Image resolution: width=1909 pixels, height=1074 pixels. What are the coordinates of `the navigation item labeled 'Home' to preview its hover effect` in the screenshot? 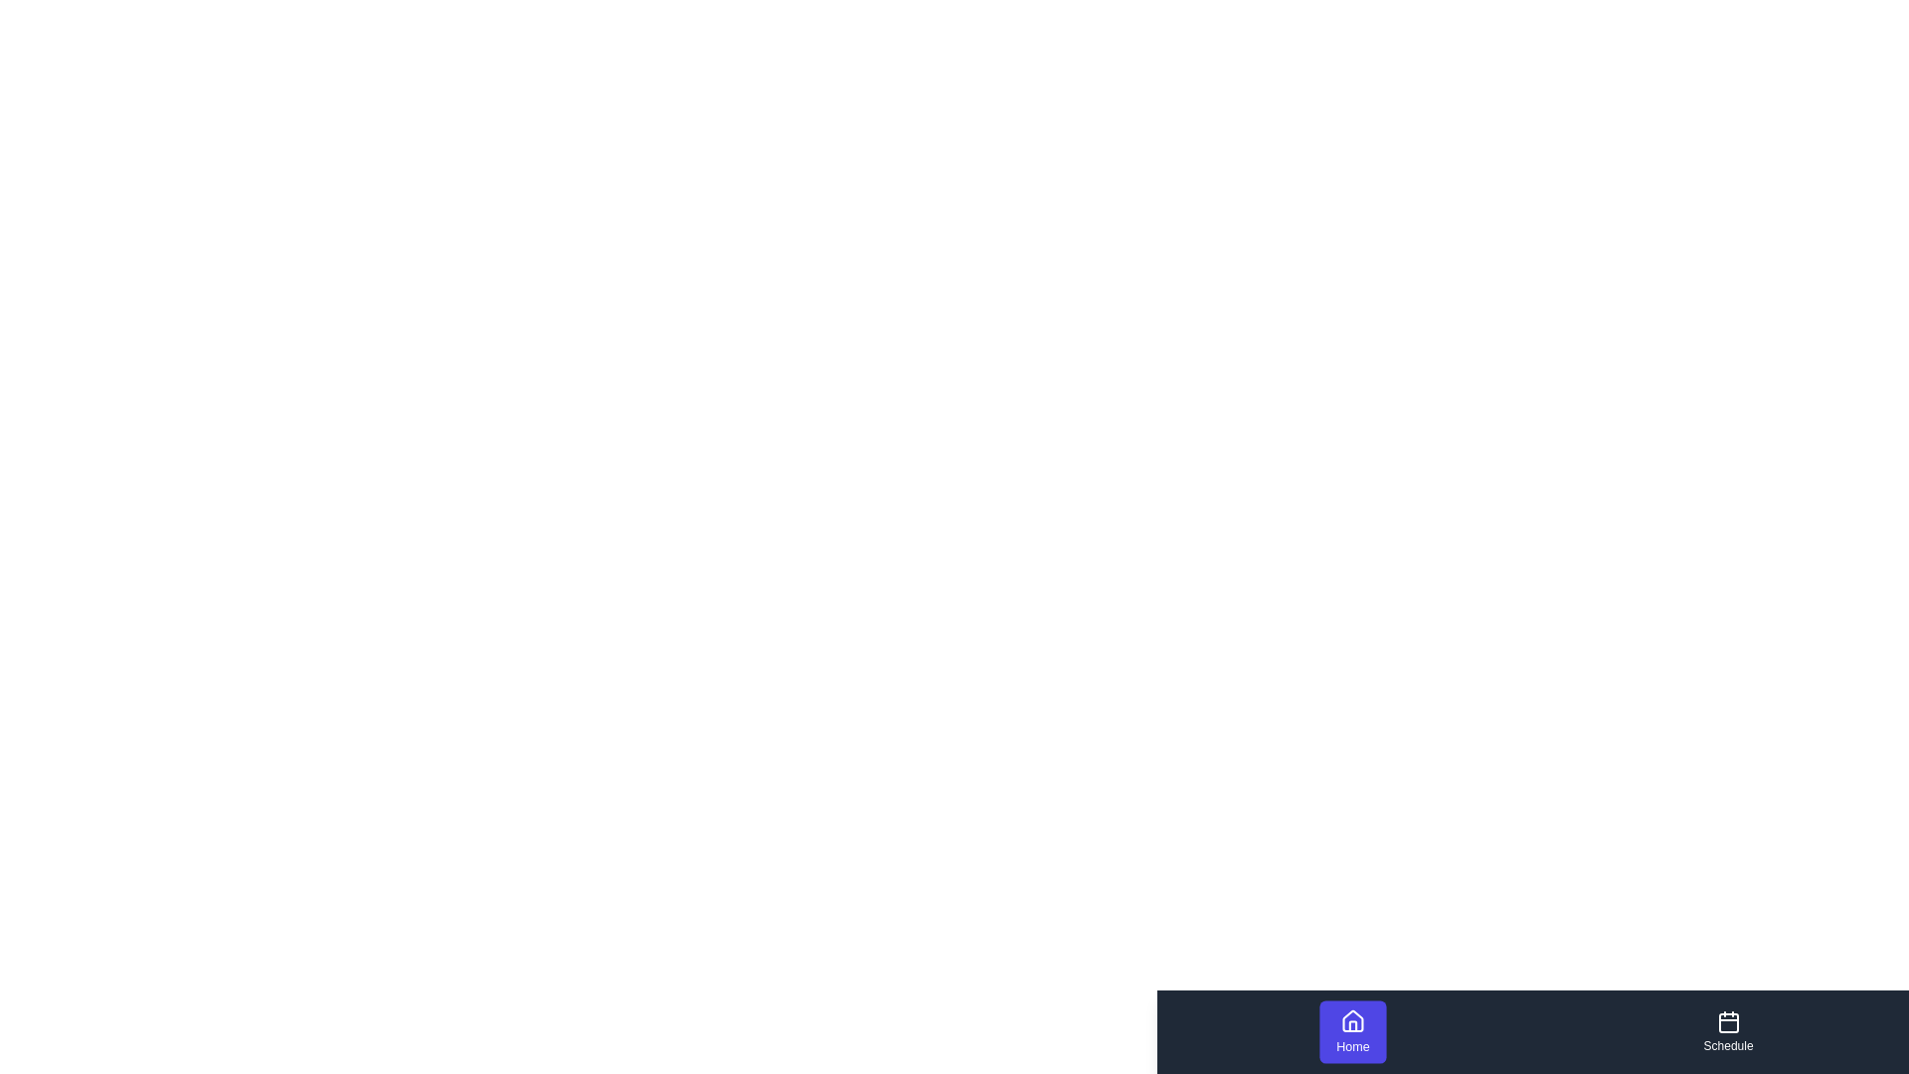 It's located at (1352, 1030).